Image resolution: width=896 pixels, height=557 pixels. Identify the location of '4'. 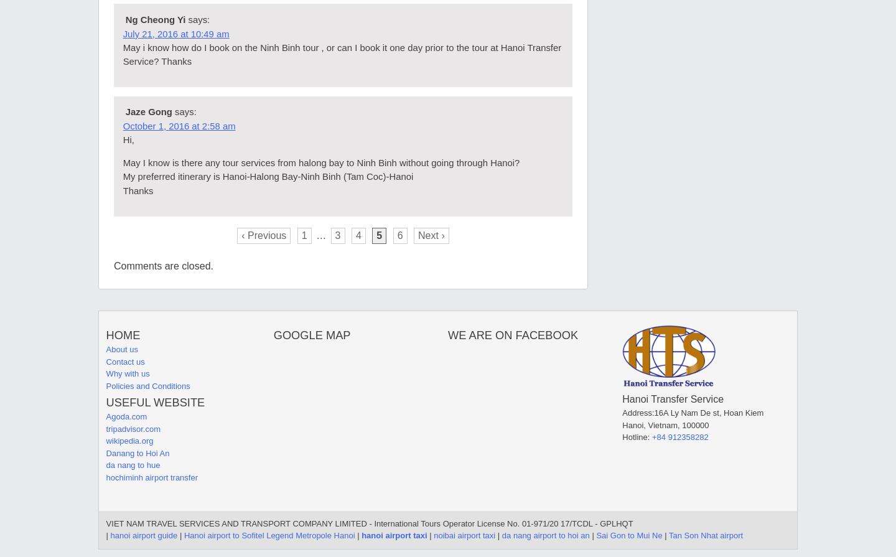
(358, 235).